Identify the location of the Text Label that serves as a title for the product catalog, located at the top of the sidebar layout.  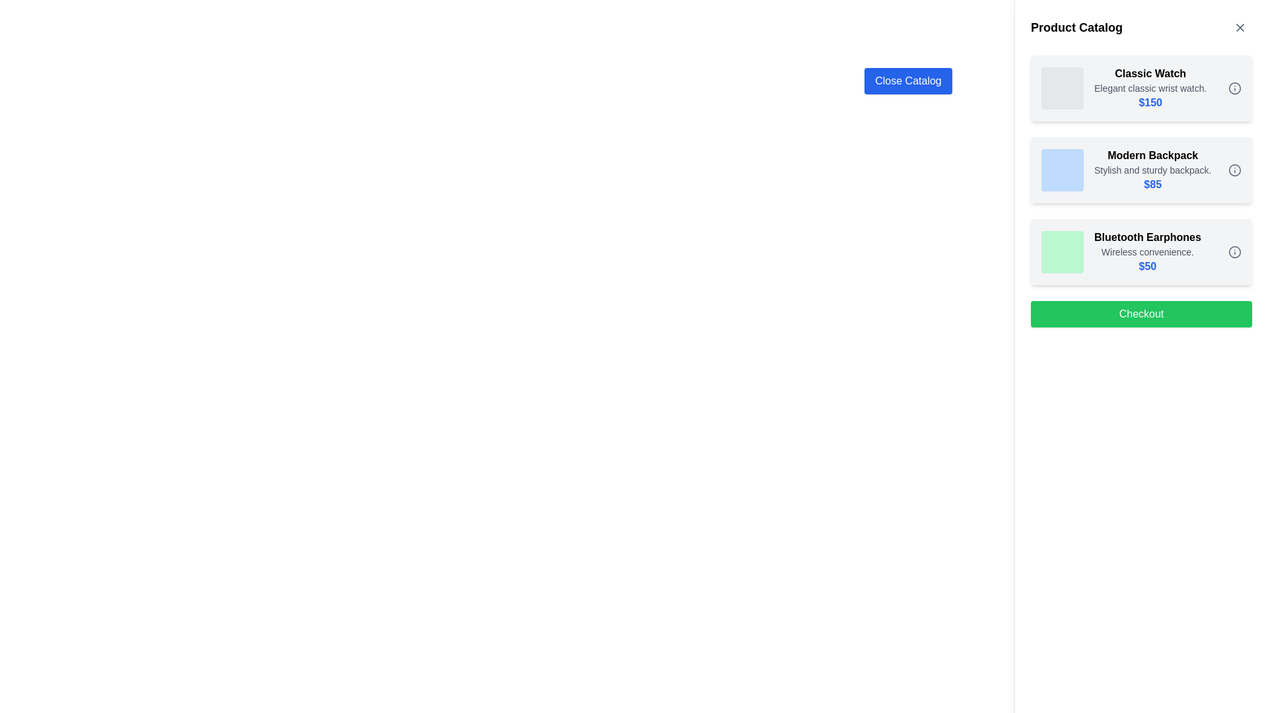
(1076, 28).